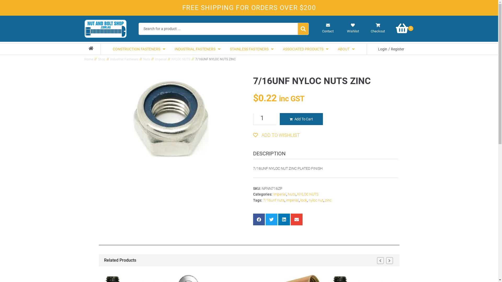 This screenshot has width=502, height=282. Describe the element at coordinates (170, 119) in the screenshot. I see `'images'` at that location.